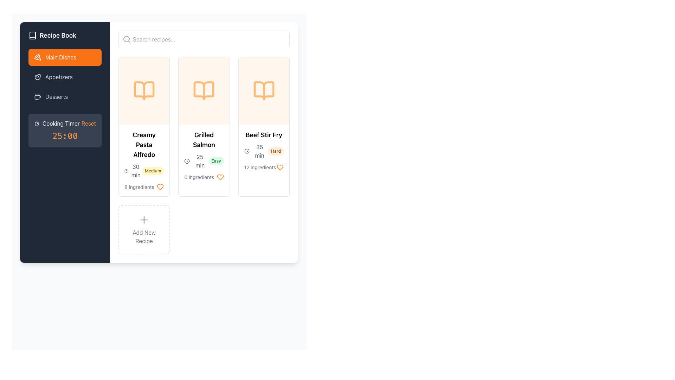  I want to click on the informational label titled 'Cooking Timer Reset' which is located above the timer value '25:00' in the gray rectangular timer panel, so click(65, 123).